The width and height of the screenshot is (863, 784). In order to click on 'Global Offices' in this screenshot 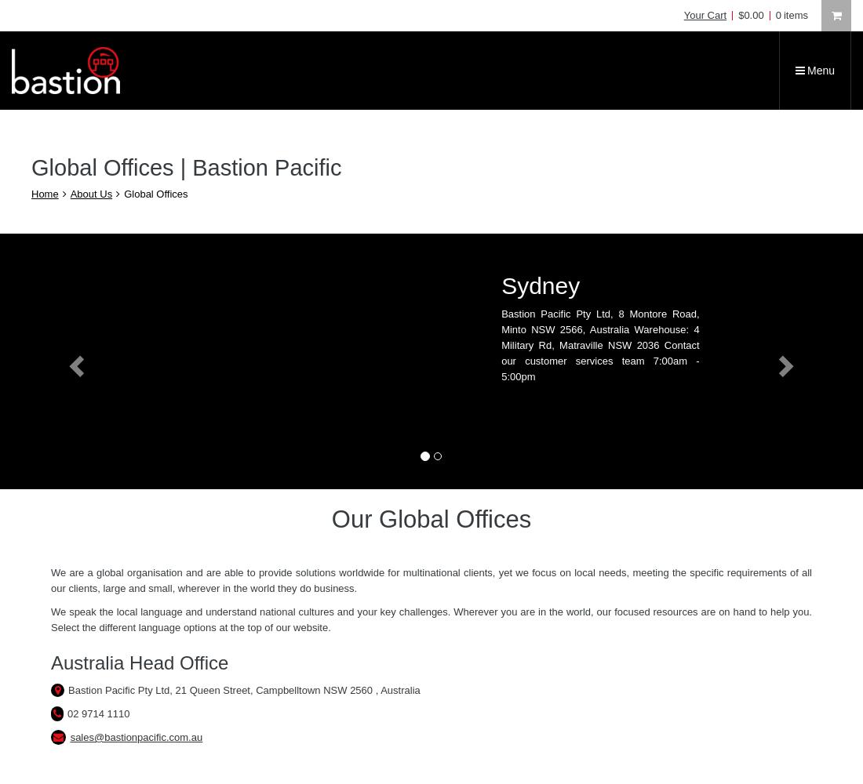, I will do `click(122, 193)`.